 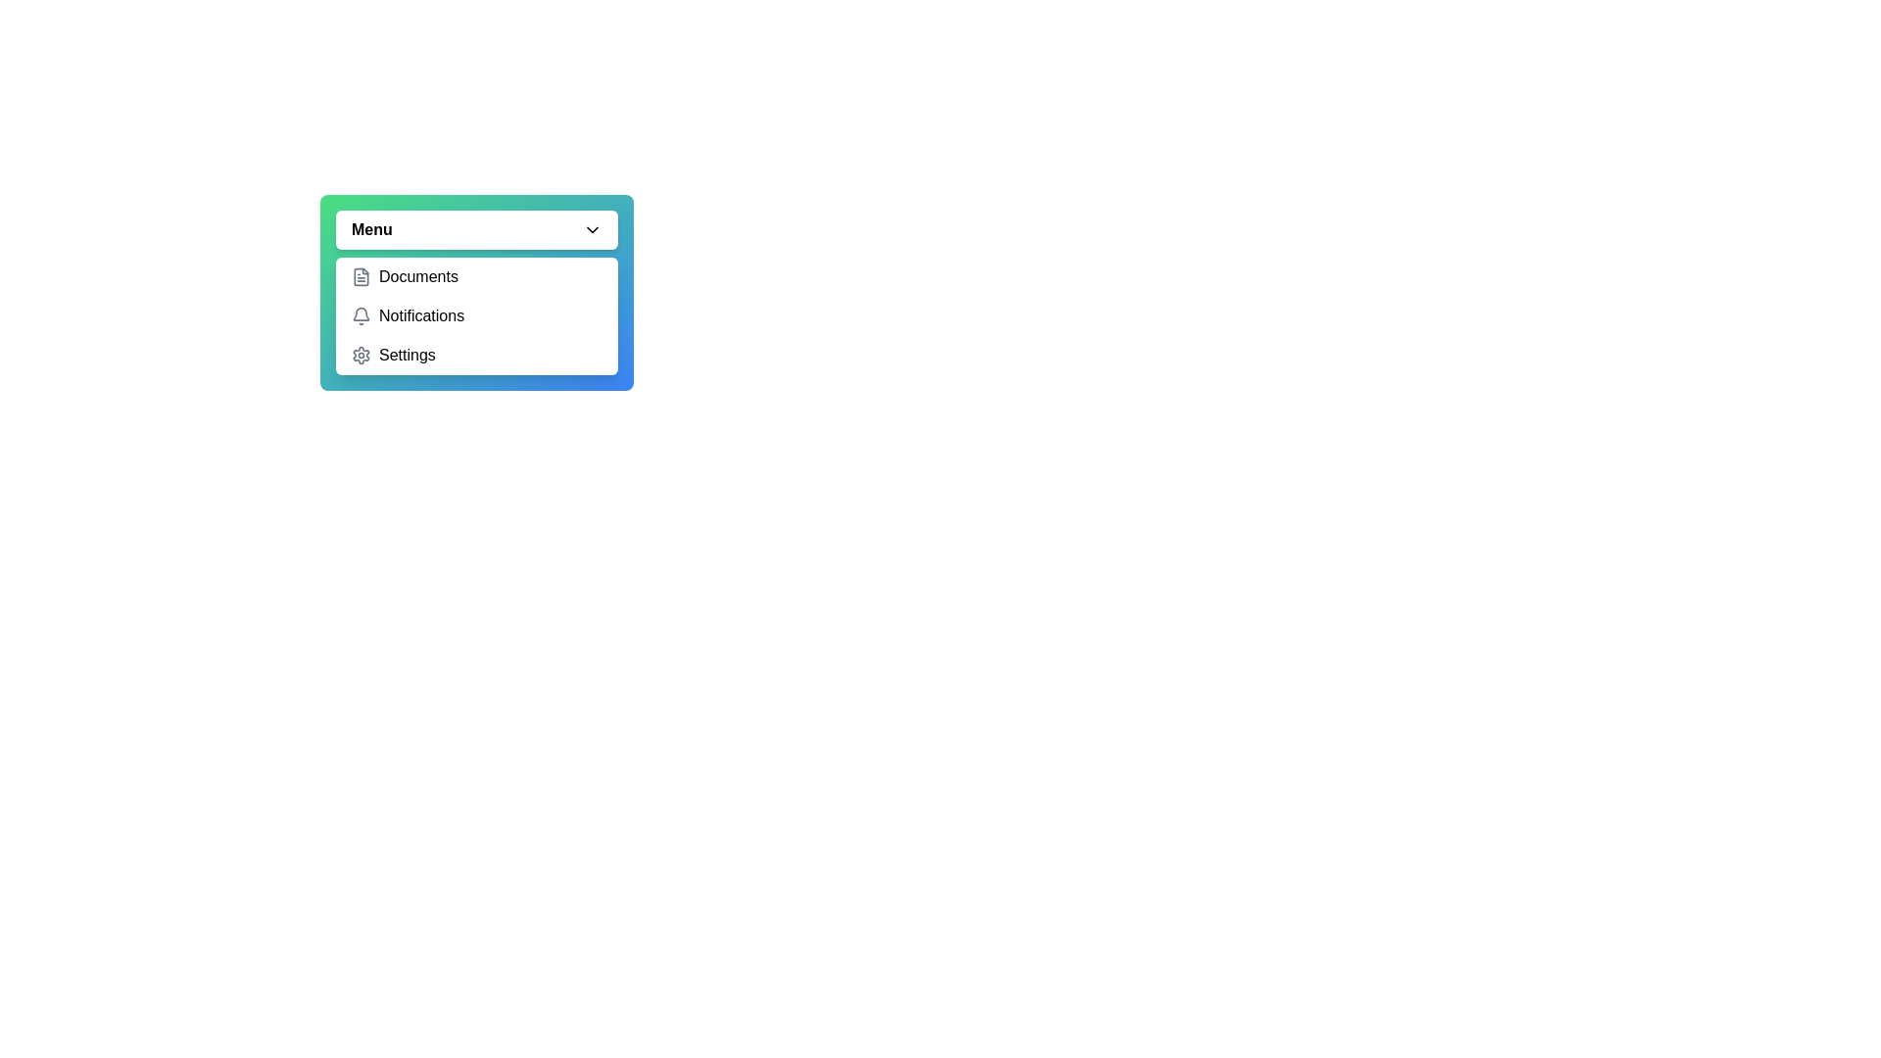 I want to click on the 'Notifications' menu item located directly beneath 'Documents' and above 'Settings' in a vertical menu structure, so click(x=476, y=315).